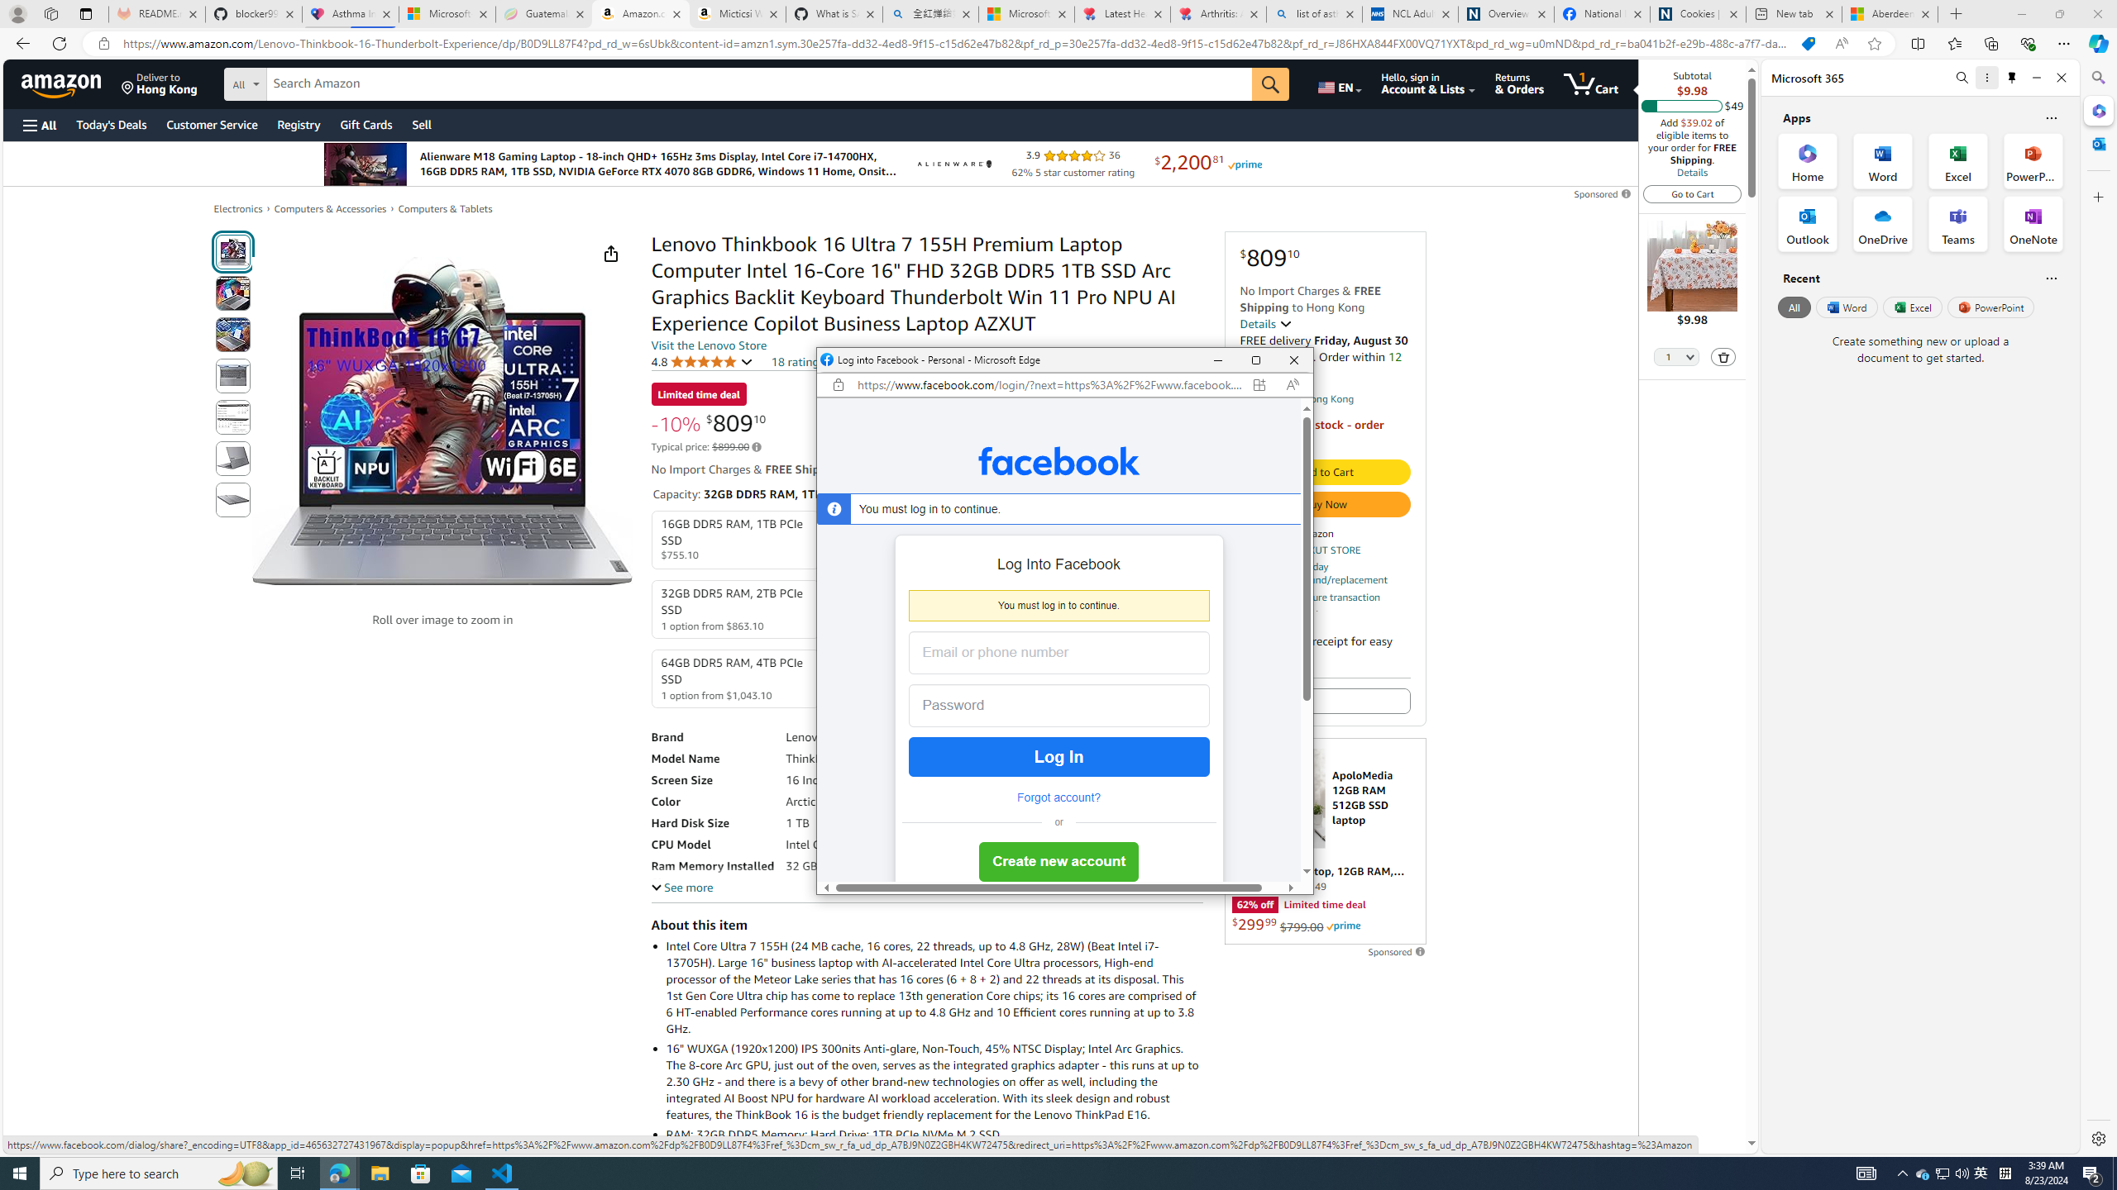  What do you see at coordinates (1865, 1172) in the screenshot?
I see `'AutomationID: 4105'` at bounding box center [1865, 1172].